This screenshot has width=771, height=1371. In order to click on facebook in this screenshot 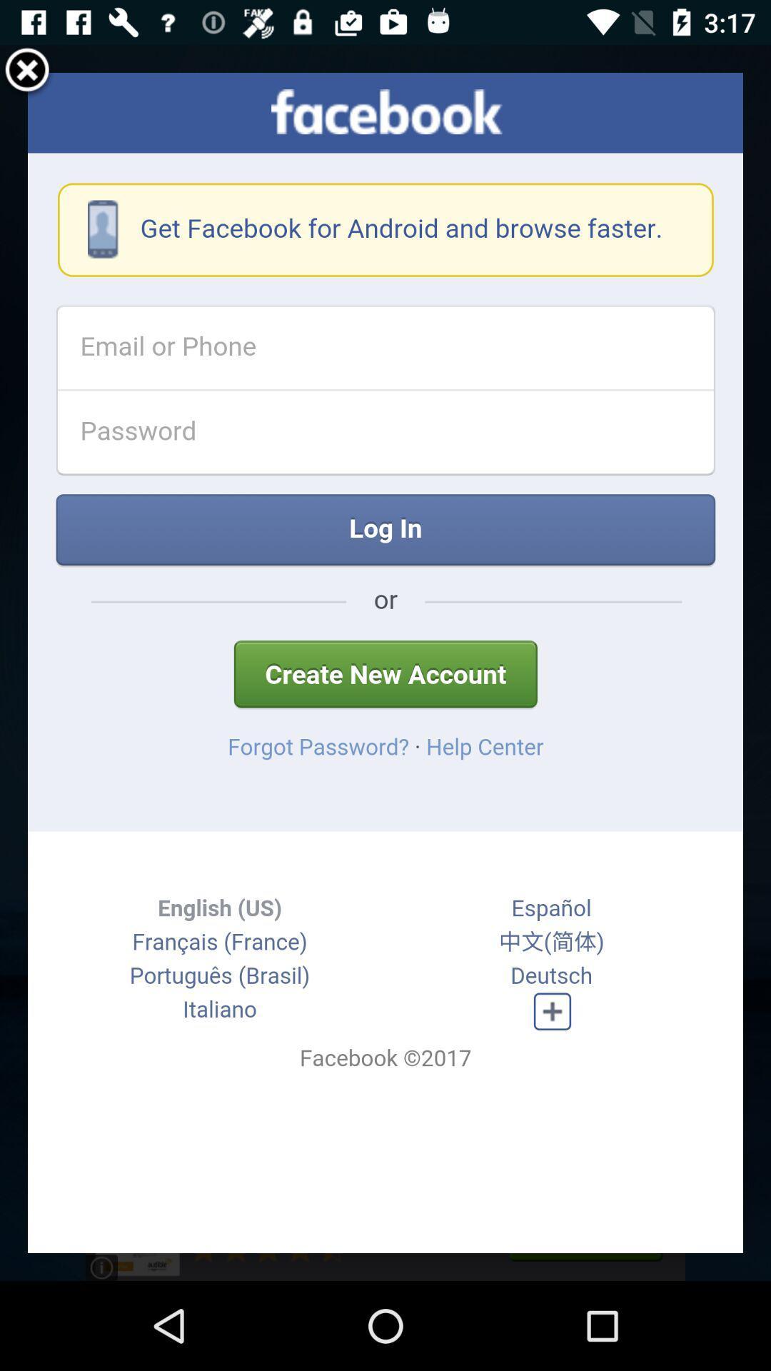, I will do `click(385, 662)`.